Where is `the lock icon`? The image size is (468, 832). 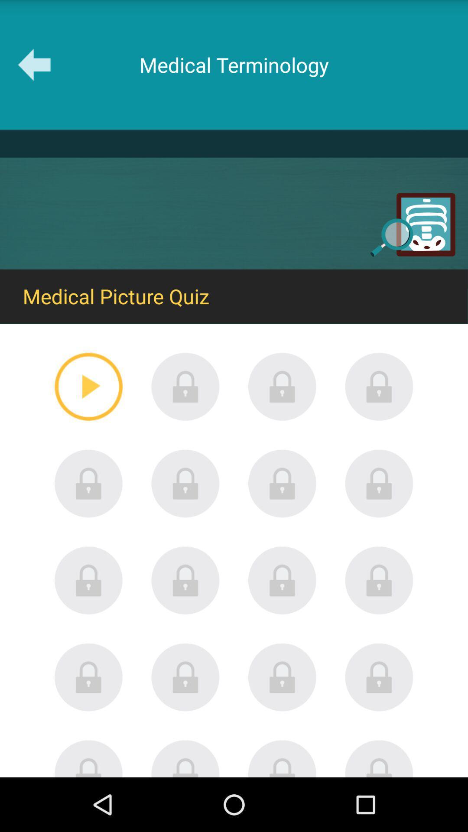 the lock icon is located at coordinates (185, 725).